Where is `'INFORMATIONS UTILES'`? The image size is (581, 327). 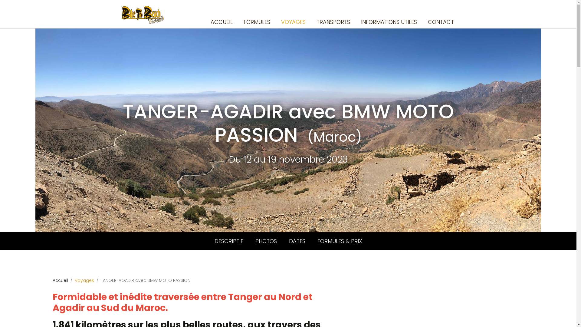 'INFORMATIONS UTILES' is located at coordinates (389, 21).